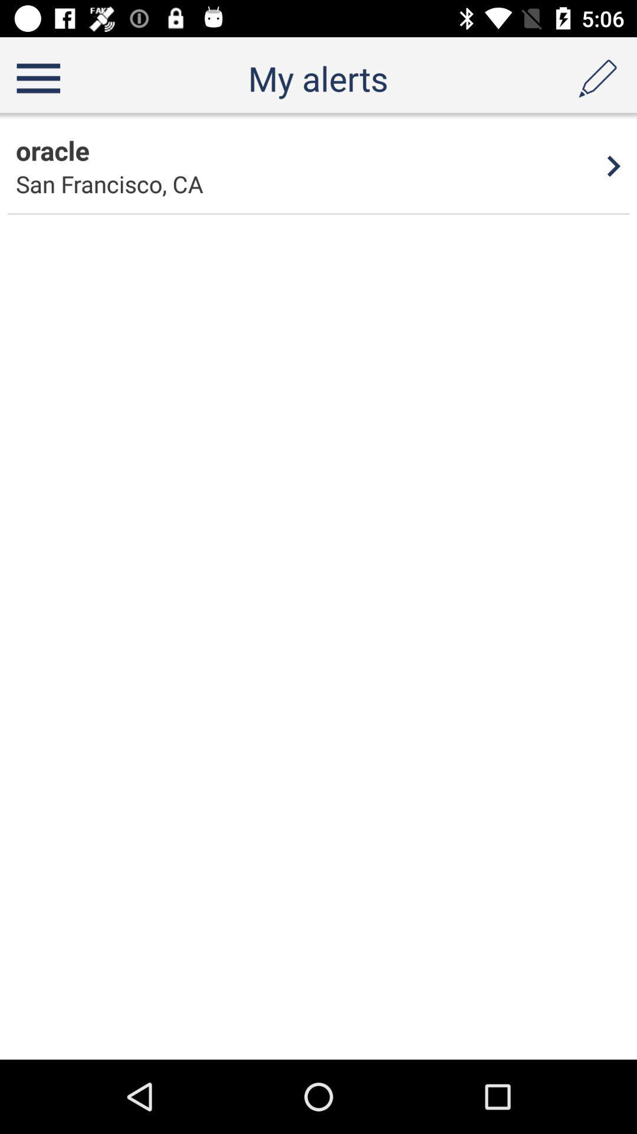  Describe the element at coordinates (52, 149) in the screenshot. I see `item to the left of the 4 icon` at that location.